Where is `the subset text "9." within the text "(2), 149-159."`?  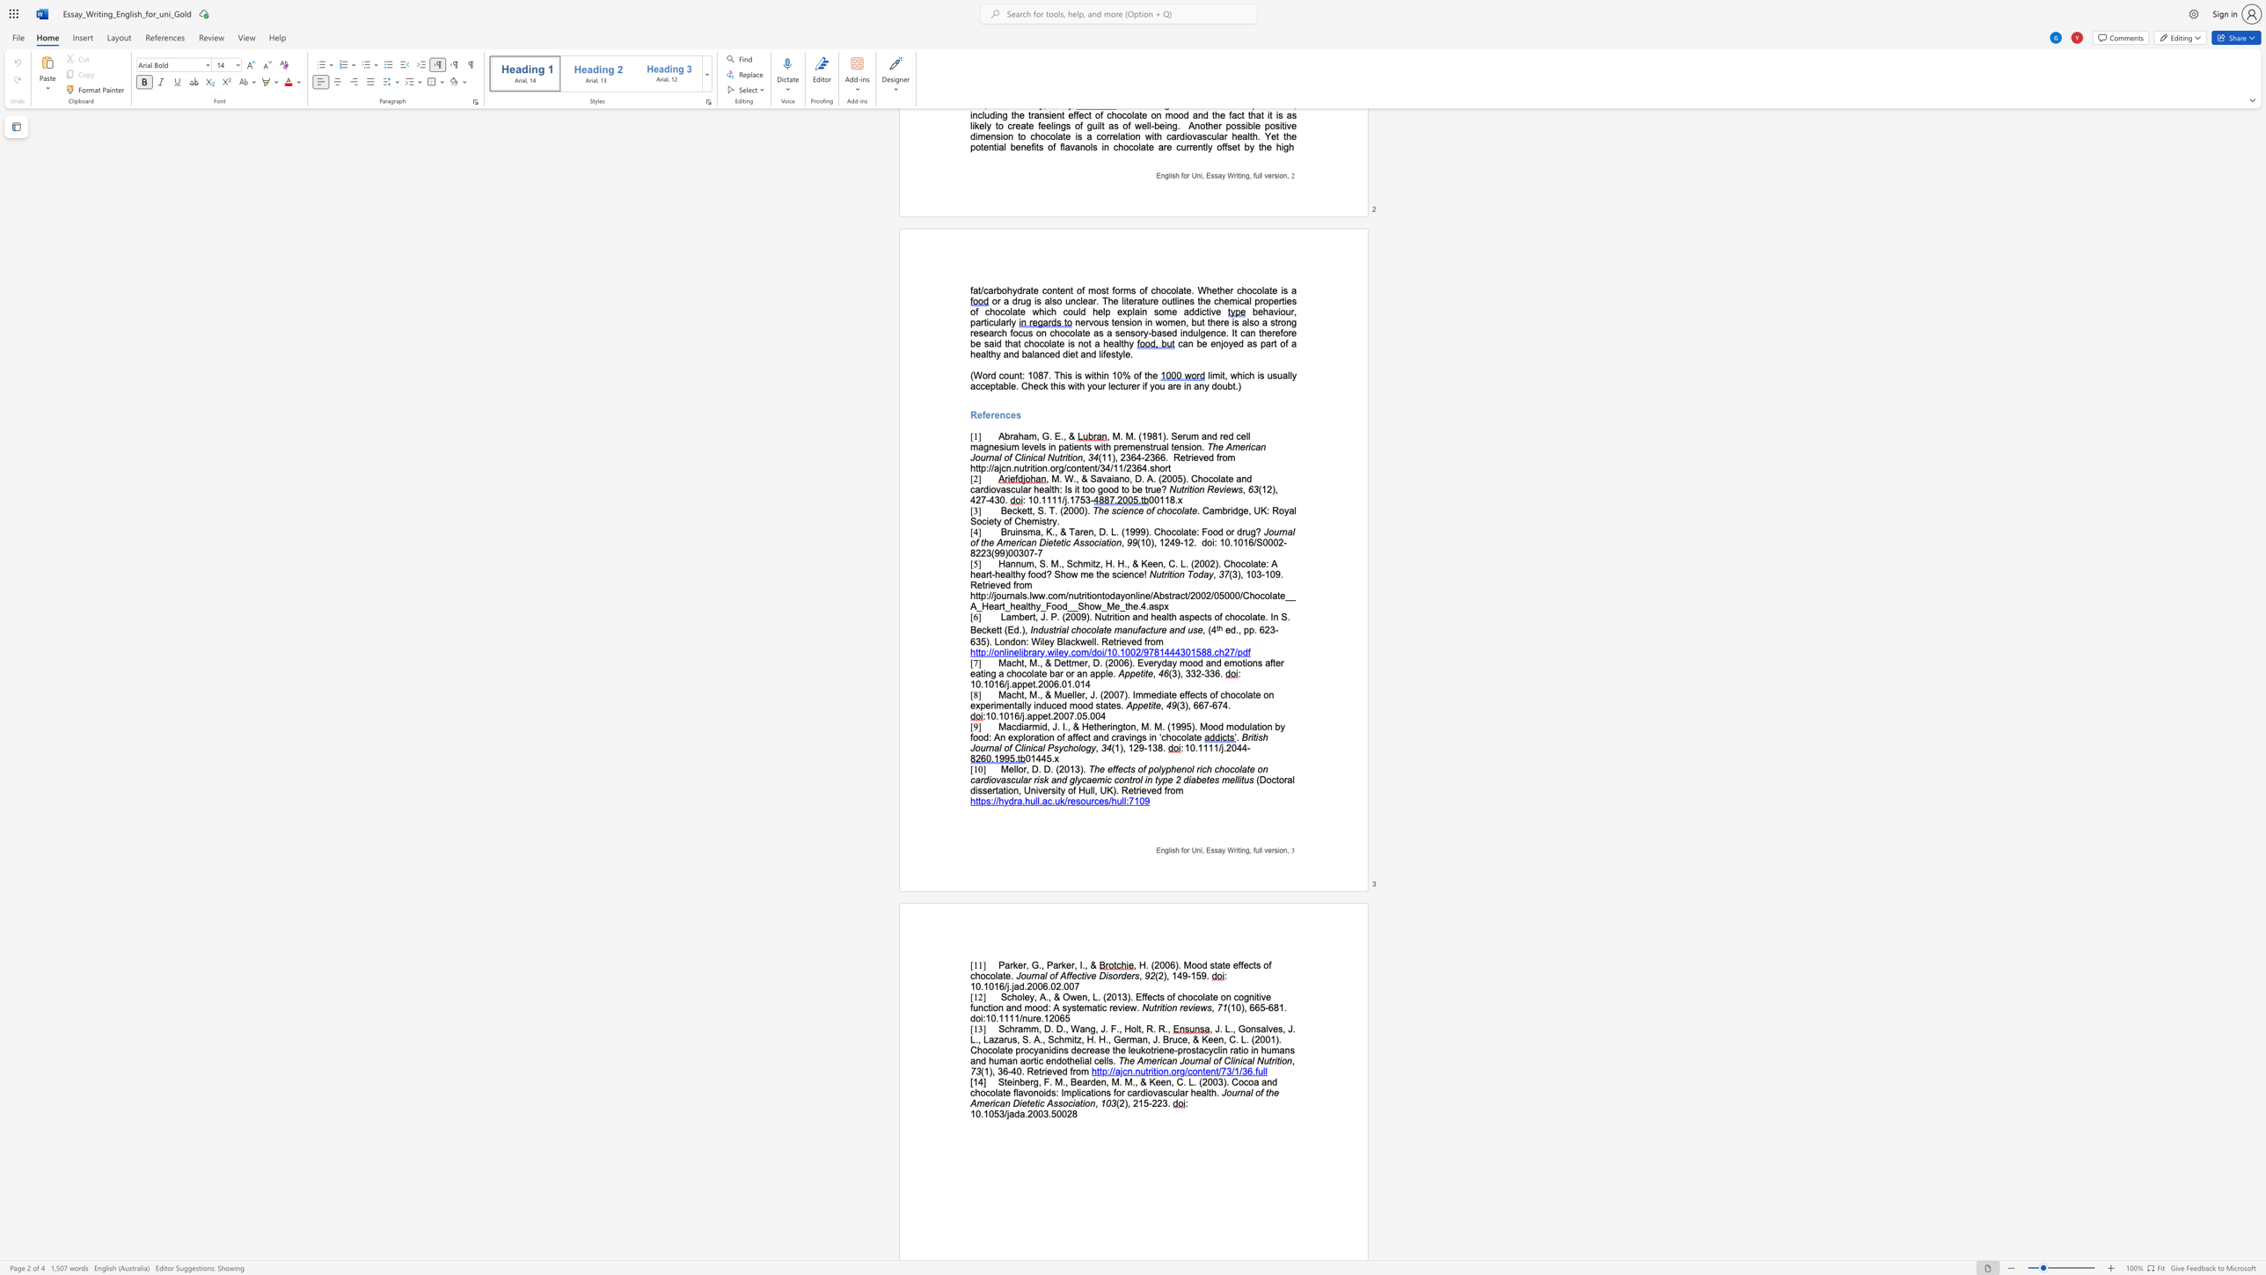 the subset text "9." within the text "(2), 149-159." is located at coordinates (1200, 975).